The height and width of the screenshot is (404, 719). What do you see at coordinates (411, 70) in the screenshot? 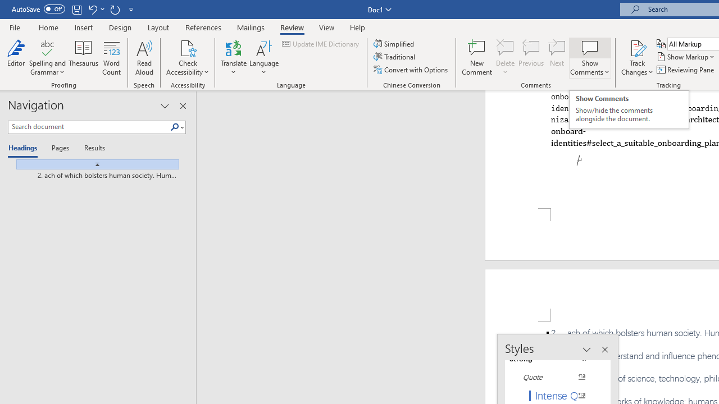
I see `'Convert with Options...'` at bounding box center [411, 70].